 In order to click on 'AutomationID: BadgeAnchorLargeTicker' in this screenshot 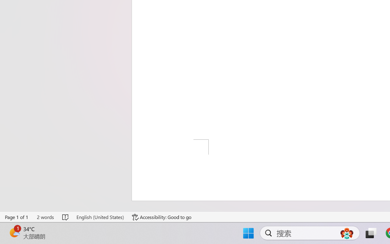, I will do `click(14, 232)`.